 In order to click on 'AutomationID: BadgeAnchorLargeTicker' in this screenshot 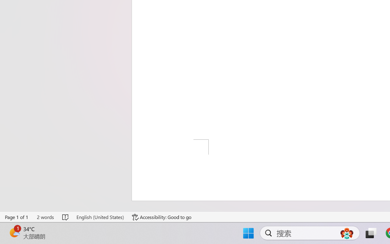, I will do `click(14, 232)`.